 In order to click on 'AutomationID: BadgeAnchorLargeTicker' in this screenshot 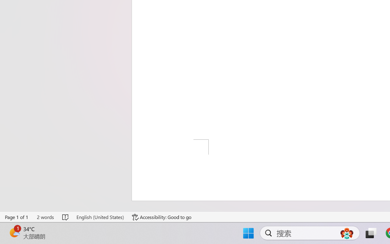, I will do `click(14, 232)`.